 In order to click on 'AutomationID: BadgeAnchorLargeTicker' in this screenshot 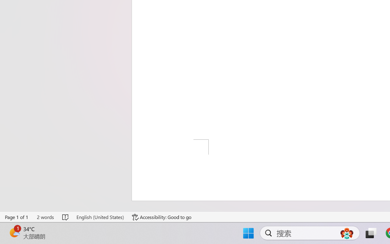, I will do `click(14, 232)`.